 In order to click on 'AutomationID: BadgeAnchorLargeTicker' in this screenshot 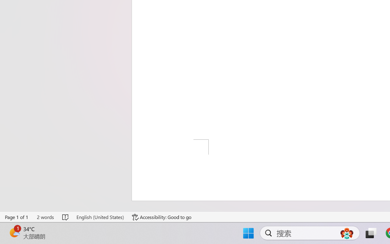, I will do `click(14, 232)`.